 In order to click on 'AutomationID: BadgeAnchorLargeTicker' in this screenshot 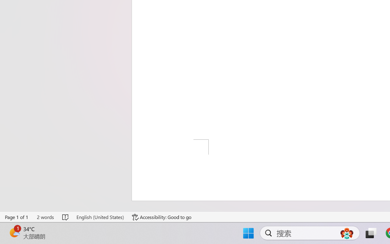, I will do `click(14, 232)`.